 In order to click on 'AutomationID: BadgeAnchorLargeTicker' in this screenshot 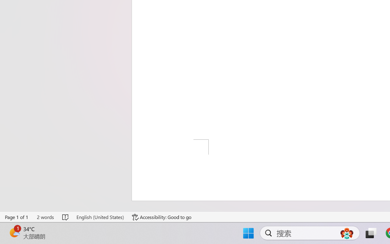, I will do `click(14, 232)`.